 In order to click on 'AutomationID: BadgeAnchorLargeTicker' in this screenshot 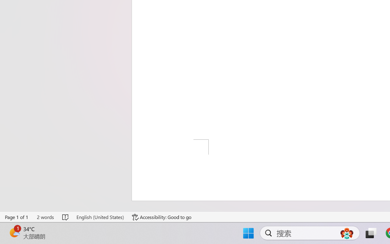, I will do `click(14, 232)`.